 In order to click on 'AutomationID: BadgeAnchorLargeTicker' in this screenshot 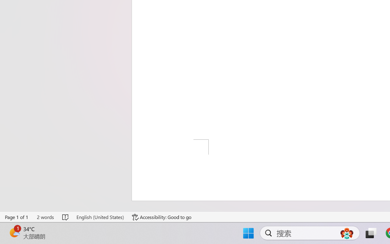, I will do `click(14, 232)`.